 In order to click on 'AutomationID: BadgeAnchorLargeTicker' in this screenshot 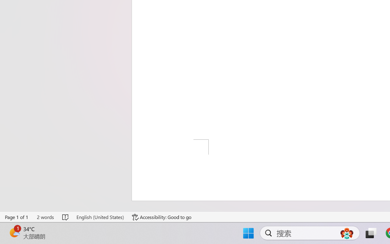, I will do `click(14, 232)`.